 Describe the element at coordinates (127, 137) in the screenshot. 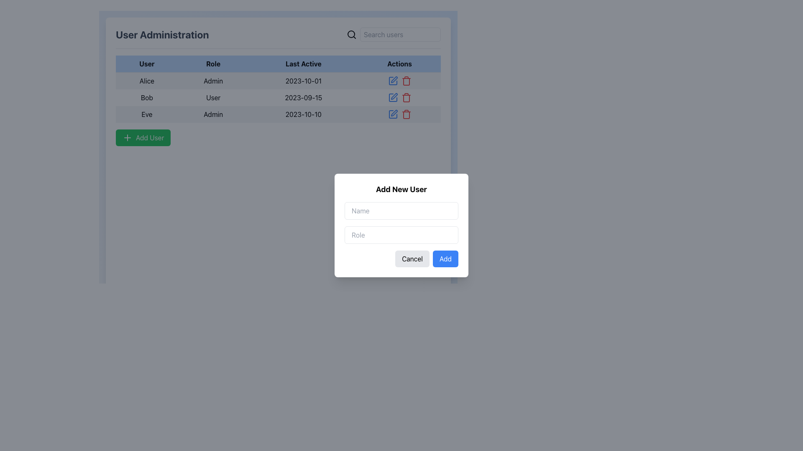

I see `the 'Add User' button icon, which is located on the left side of the button in the 'User Administration' section to initiate the user addition process` at that location.